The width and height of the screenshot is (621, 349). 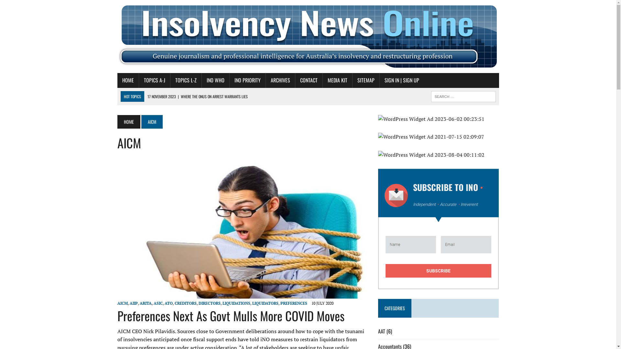 I want to click on '17 NOVEMBER 2023 | WHERE THE ONUS ON ARREST WARRANTS LIES', so click(x=197, y=97).